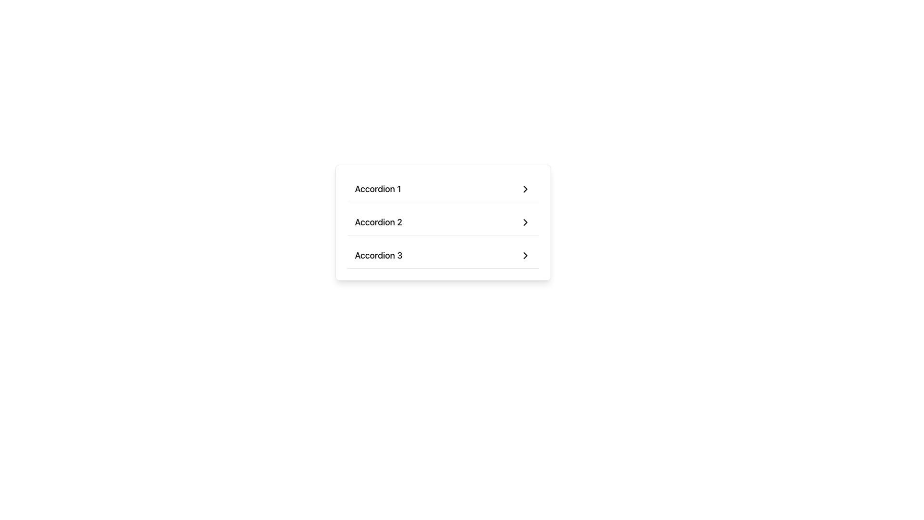 The image size is (924, 520). Describe the element at coordinates (378, 222) in the screenshot. I see `the text label located in the second accordion section, which identifies the content of that section` at that location.